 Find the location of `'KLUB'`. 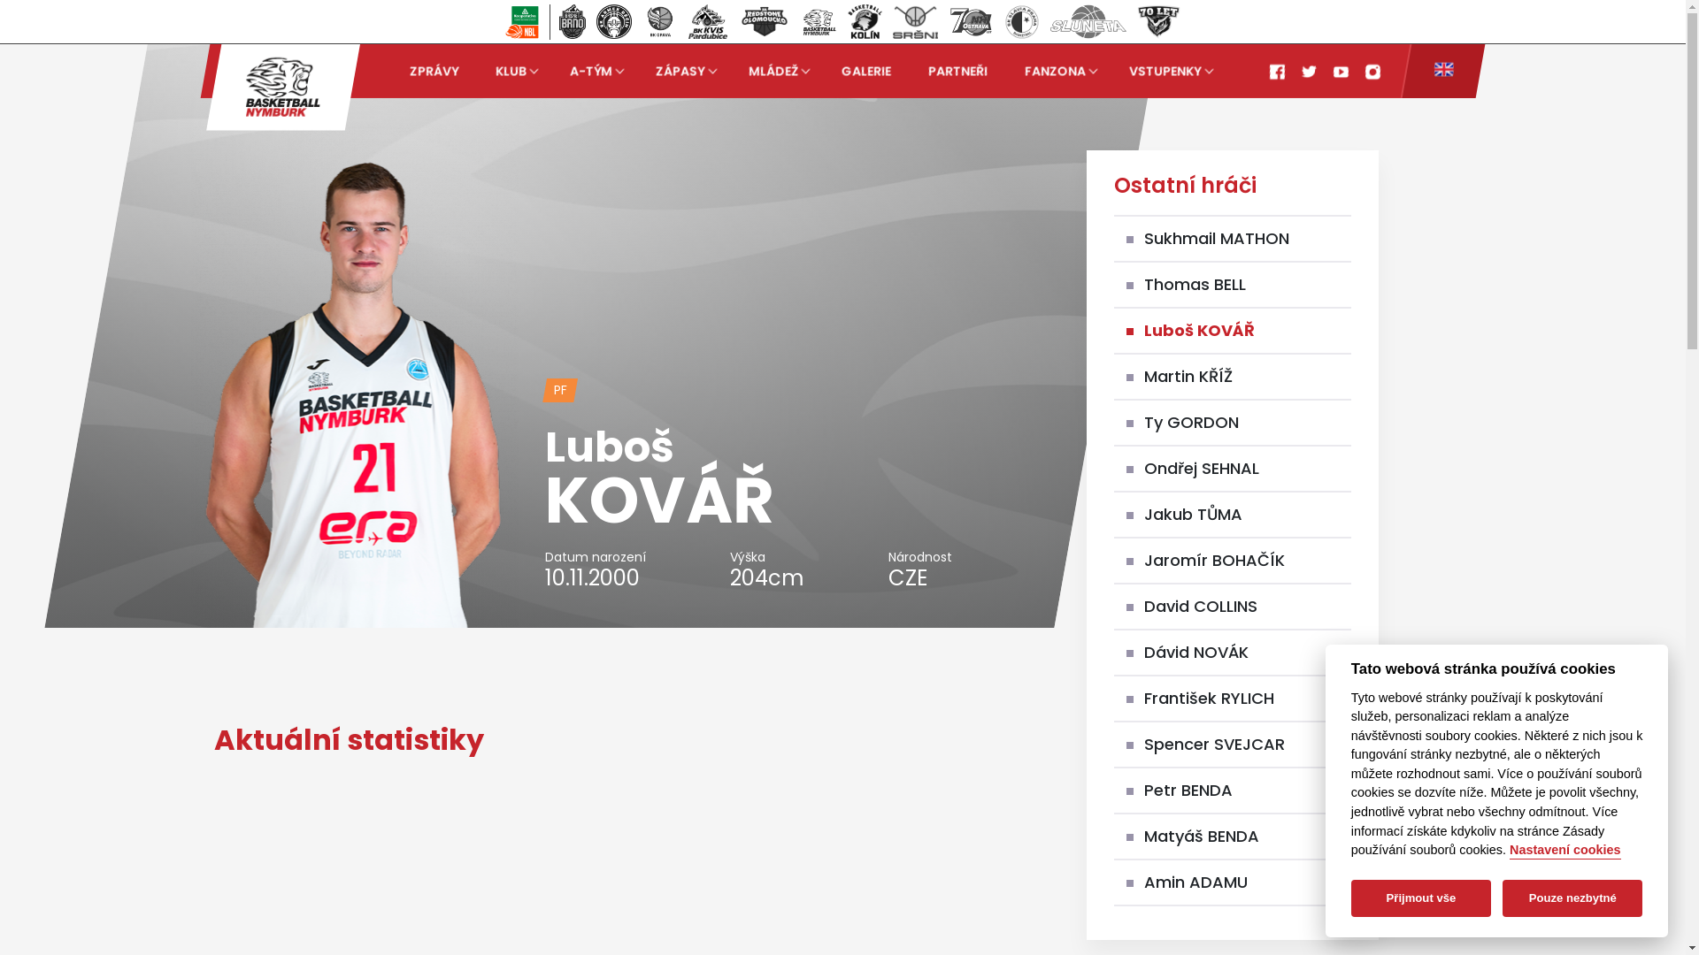

'KLUB' is located at coordinates (512, 70).